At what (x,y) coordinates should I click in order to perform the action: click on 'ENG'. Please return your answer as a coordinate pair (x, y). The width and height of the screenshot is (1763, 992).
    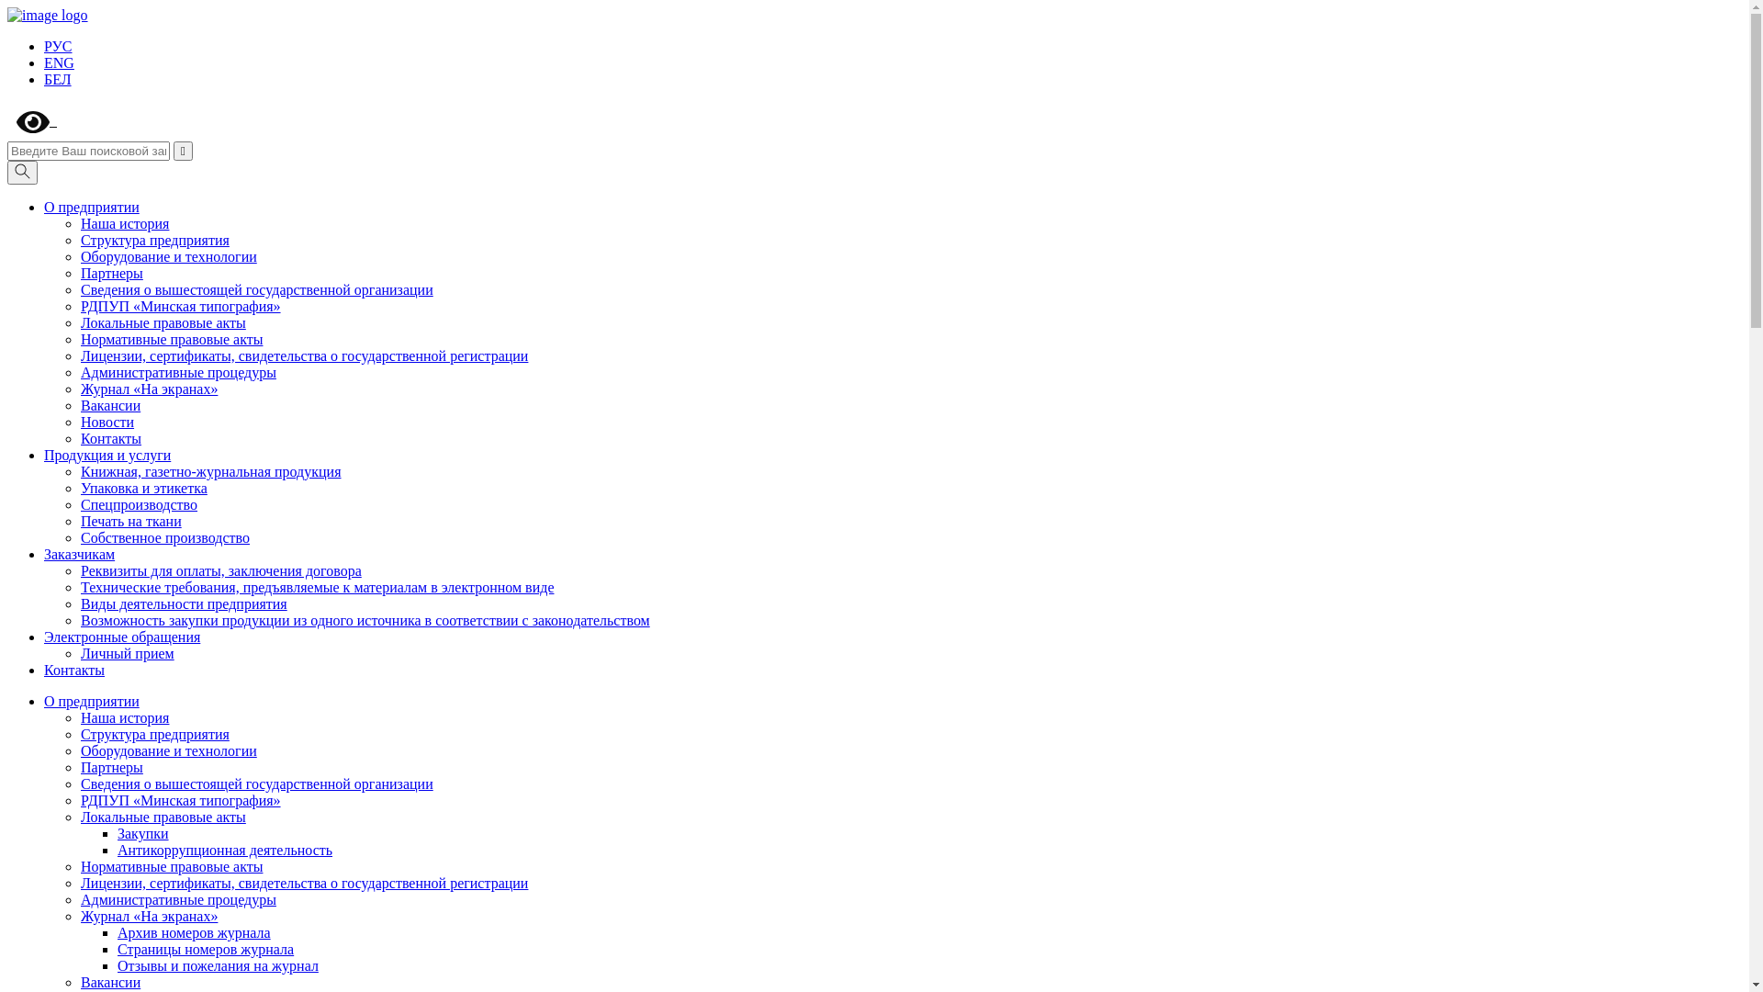
    Looking at the image, I should click on (44, 62).